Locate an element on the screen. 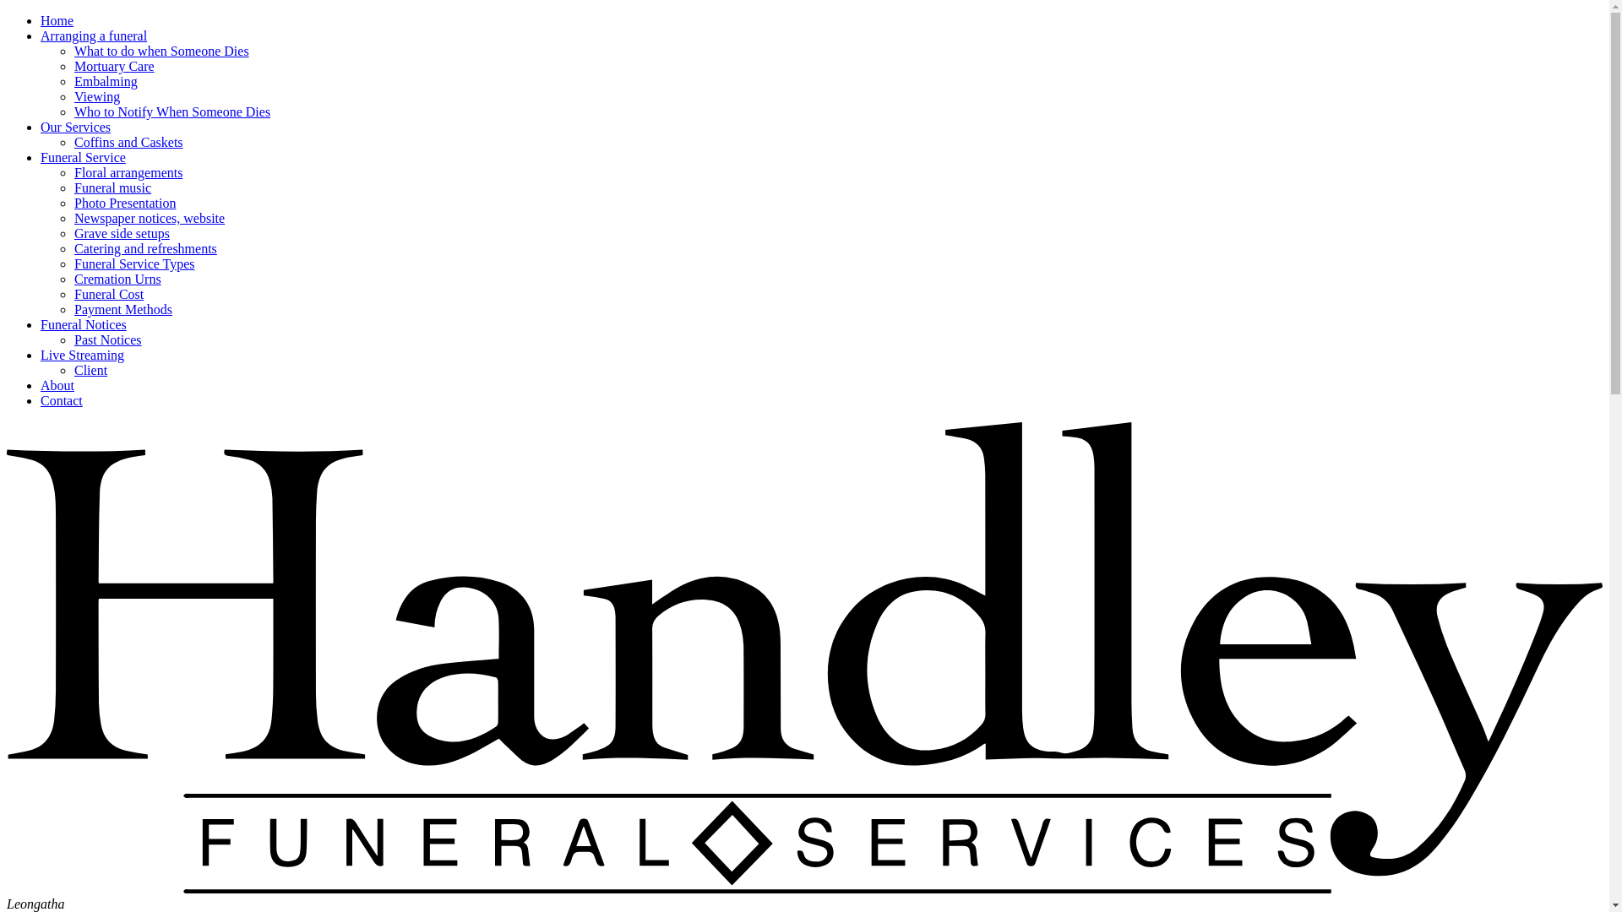 This screenshot has height=912, width=1622. 'Past Notices' is located at coordinates (107, 339).